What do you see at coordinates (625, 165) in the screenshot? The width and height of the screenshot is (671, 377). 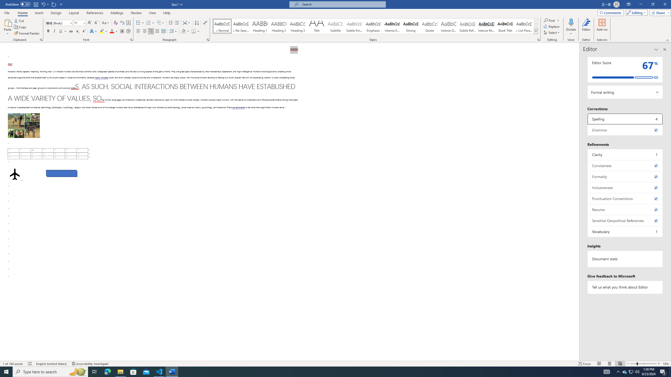 I see `'Conciseness, 0 issues. Press space or enter to review items.'` at bounding box center [625, 165].